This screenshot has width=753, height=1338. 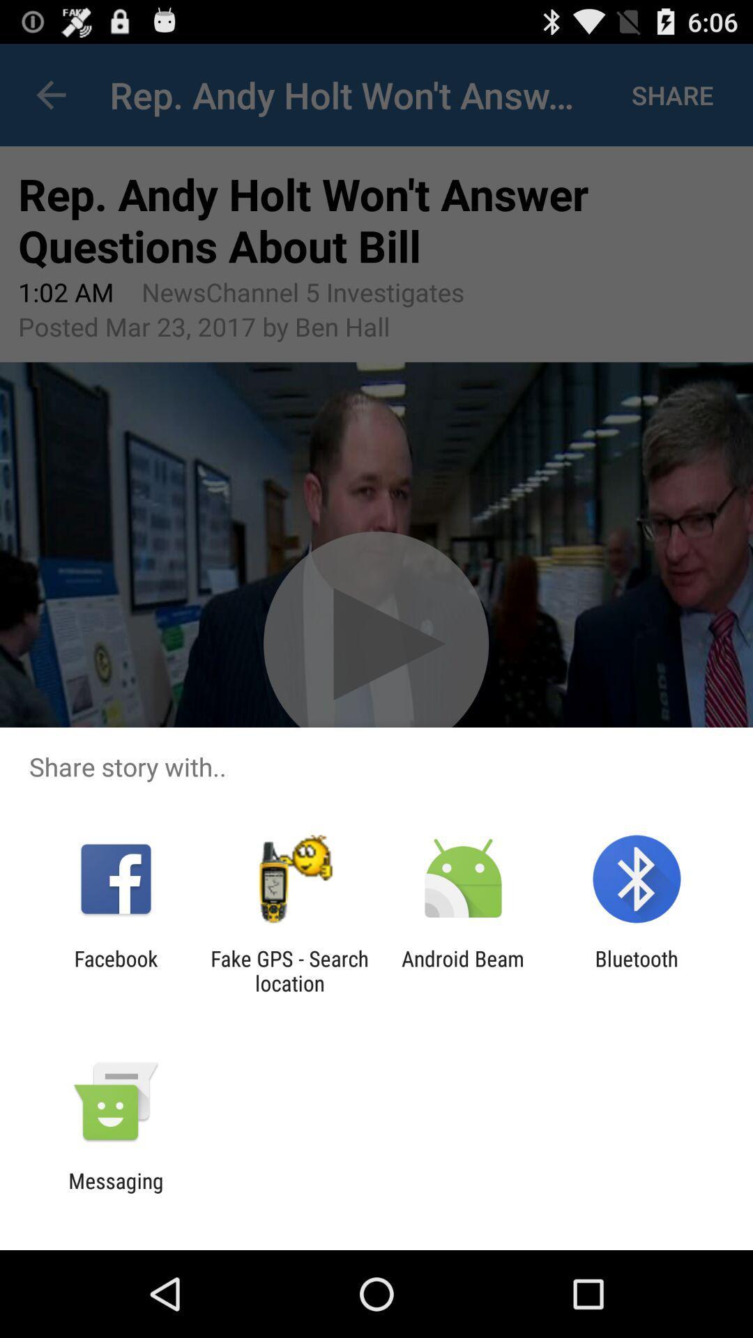 What do you see at coordinates (463, 970) in the screenshot?
I see `item next to the bluetooth item` at bounding box center [463, 970].